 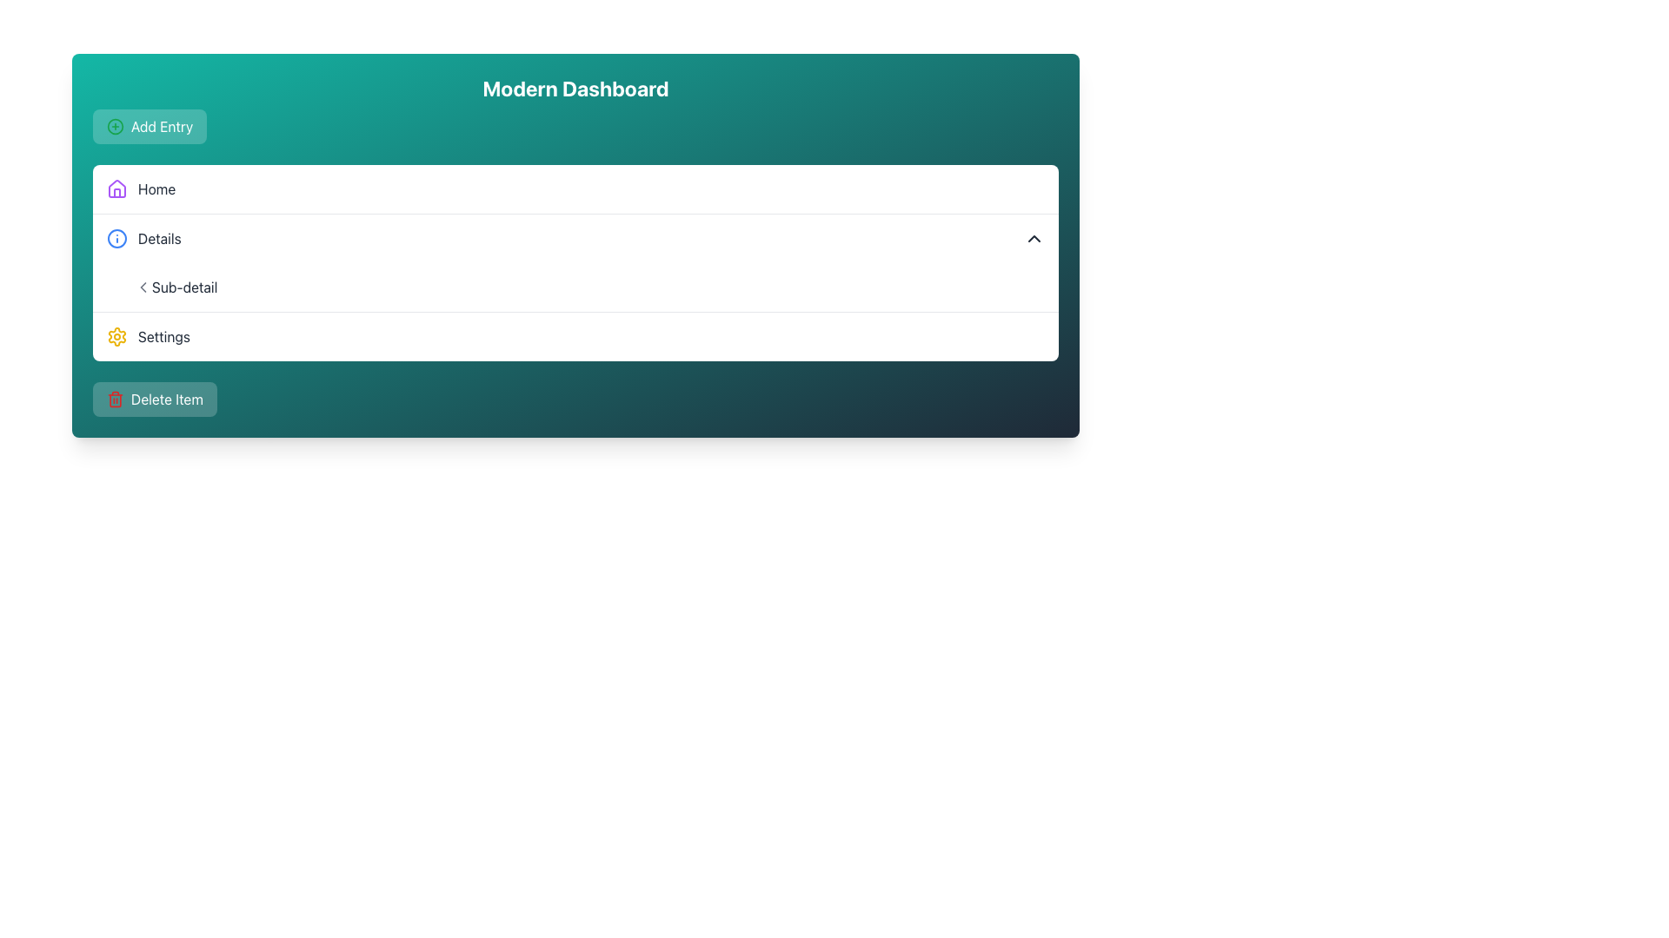 I want to click on the Interactive List Item located in the 'Modern Dashboard' panel, positioned between 'Details' and 'Settings', so click(x=589, y=287).